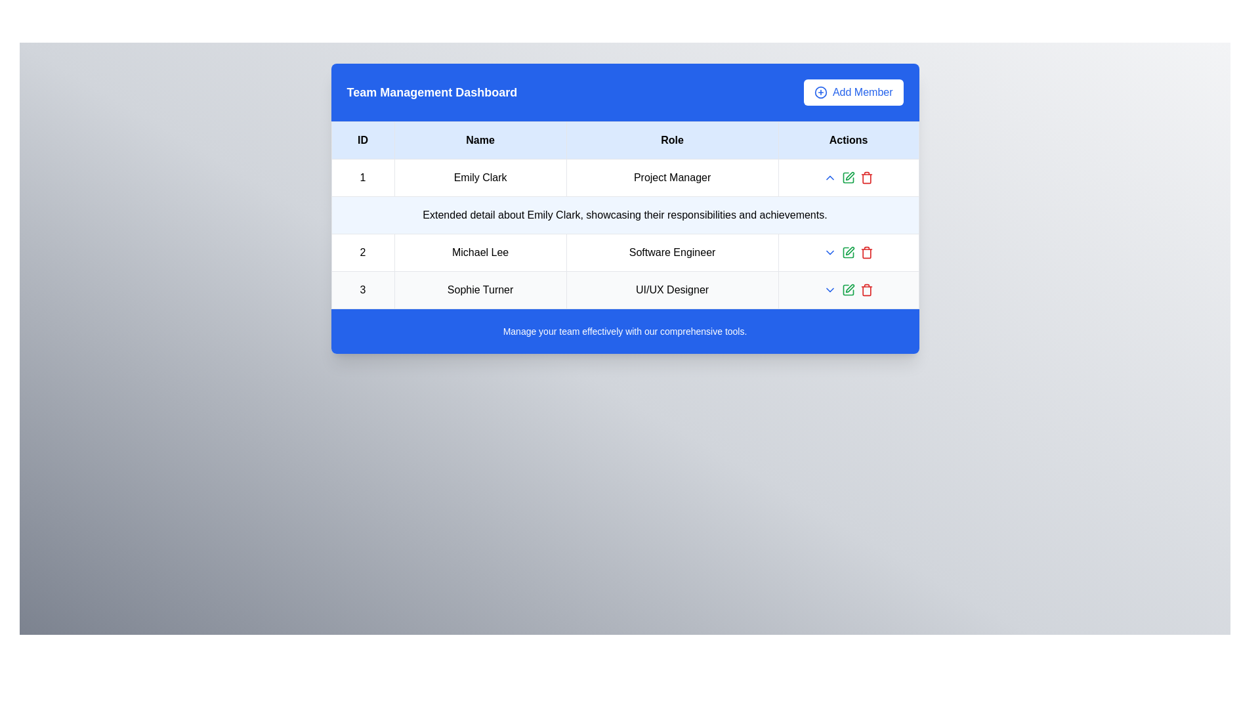  Describe the element at coordinates (480, 140) in the screenshot. I see `the Table Header Cell for the 'Name' column in the table, which is the second cell in the header row, located to the right of the 'ID' cell and to the left of the 'Role' cell` at that location.